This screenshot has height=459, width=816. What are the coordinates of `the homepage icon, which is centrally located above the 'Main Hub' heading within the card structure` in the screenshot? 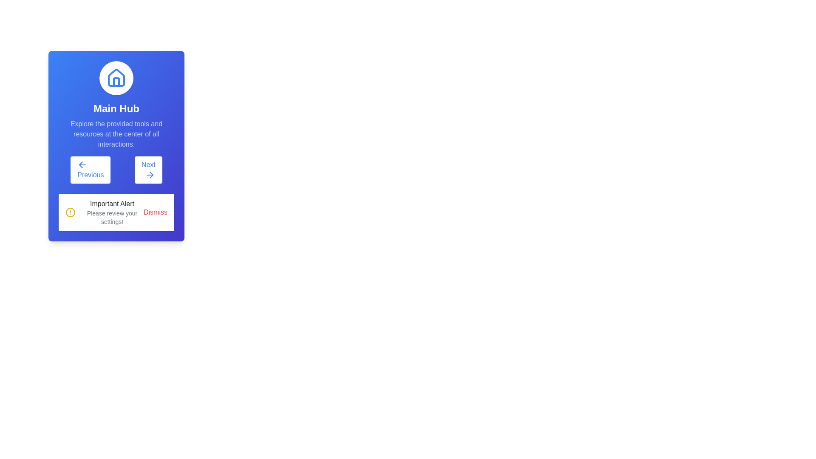 It's located at (116, 78).